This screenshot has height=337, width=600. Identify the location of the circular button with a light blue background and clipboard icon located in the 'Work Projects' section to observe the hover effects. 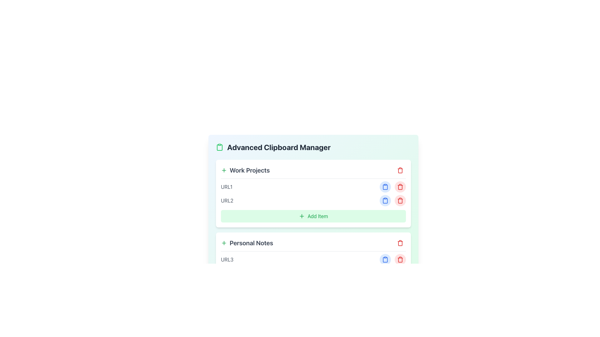
(385, 201).